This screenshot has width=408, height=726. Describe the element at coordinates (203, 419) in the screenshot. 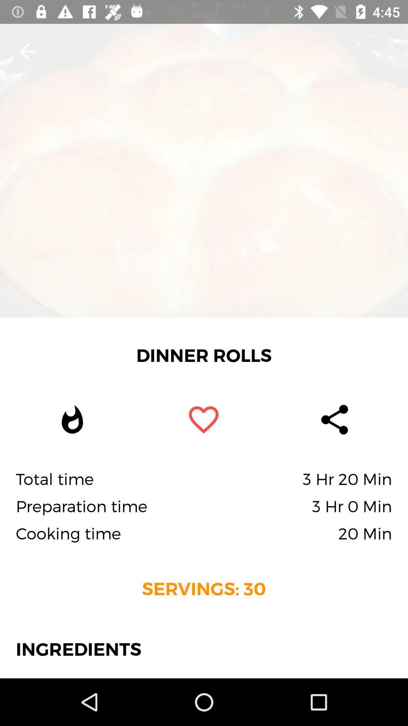

I see `the favourites icon` at that location.